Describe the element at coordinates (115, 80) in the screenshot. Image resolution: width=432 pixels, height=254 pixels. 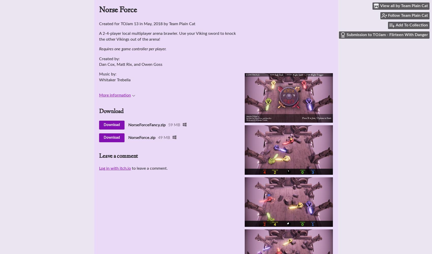
I see `'Whitaker Trebella'` at that location.